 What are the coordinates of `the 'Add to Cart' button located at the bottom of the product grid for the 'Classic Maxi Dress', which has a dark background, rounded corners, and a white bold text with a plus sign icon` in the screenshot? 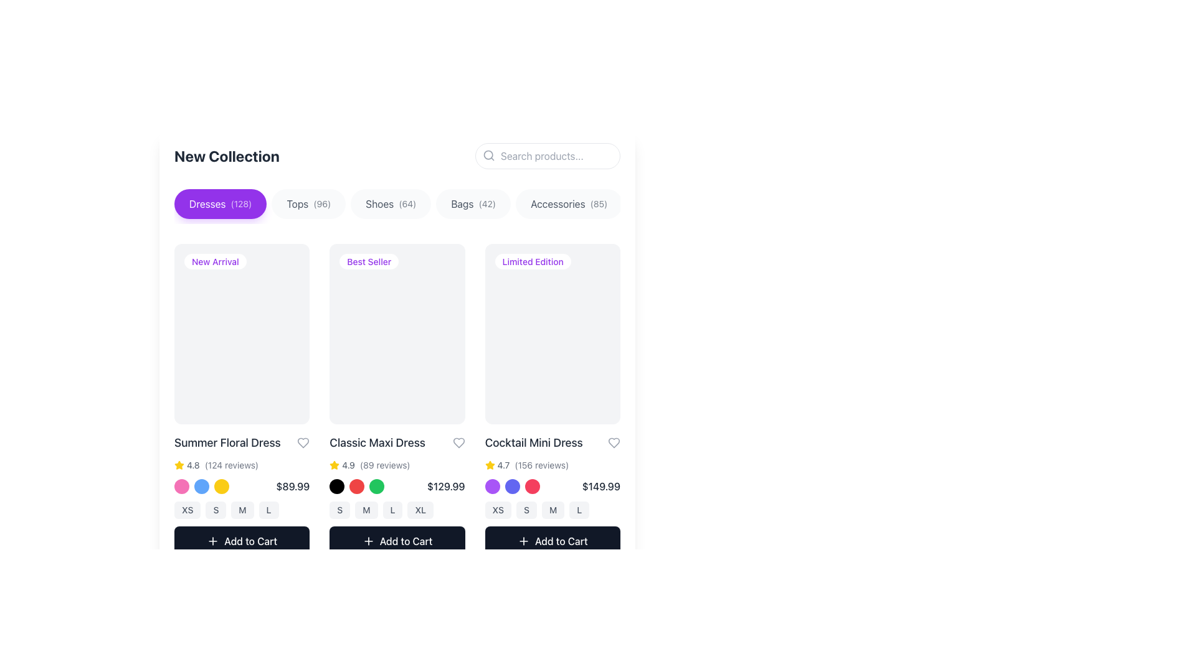 It's located at (397, 540).